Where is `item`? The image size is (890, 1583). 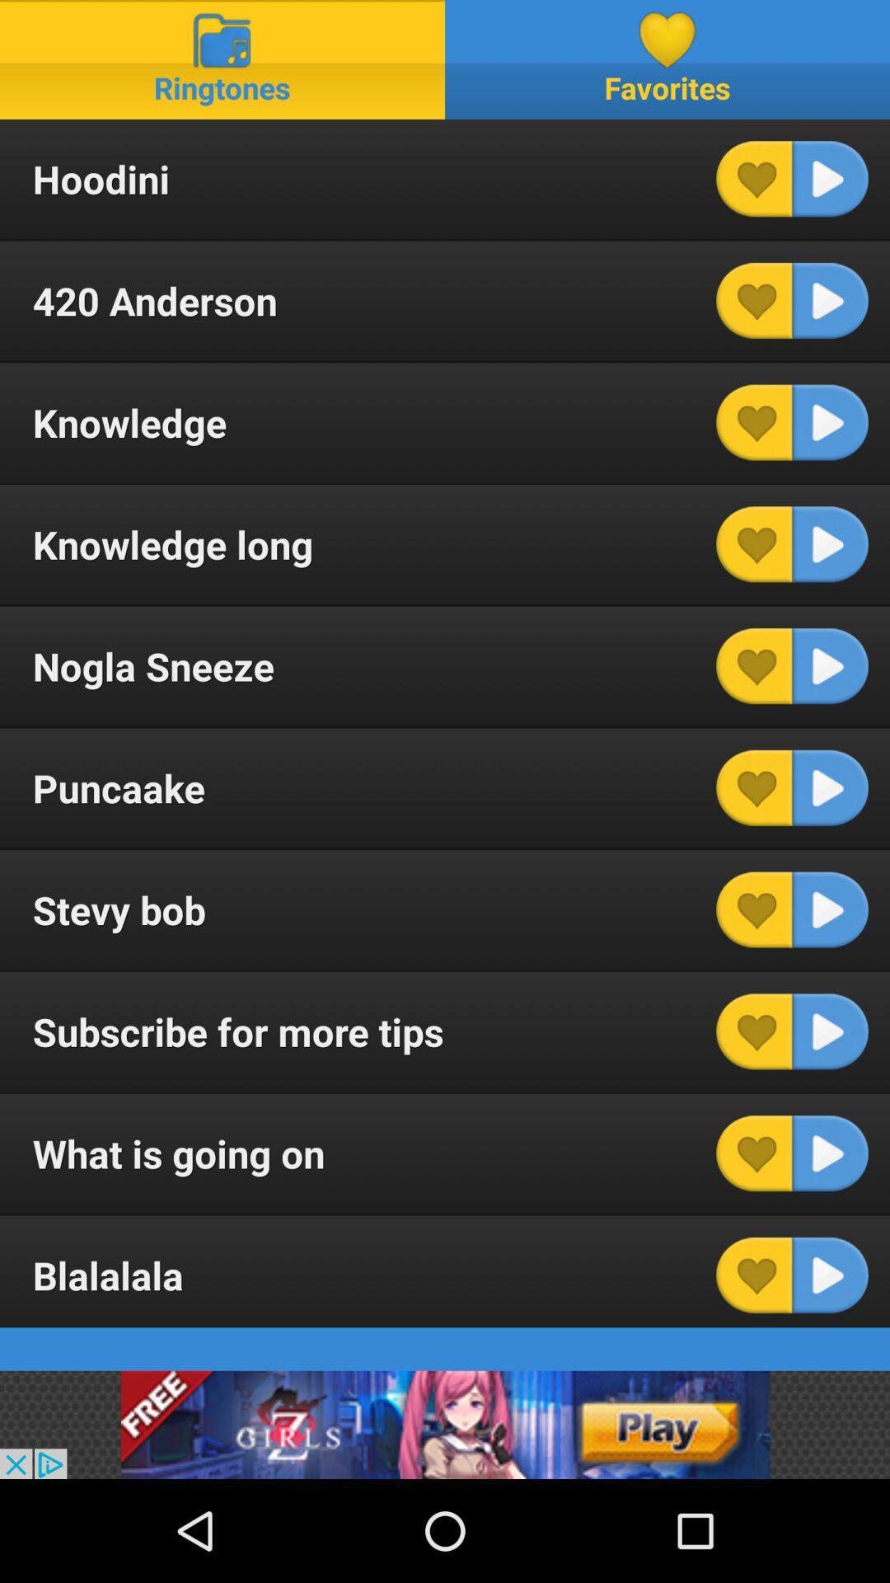
item is located at coordinates (830, 1274).